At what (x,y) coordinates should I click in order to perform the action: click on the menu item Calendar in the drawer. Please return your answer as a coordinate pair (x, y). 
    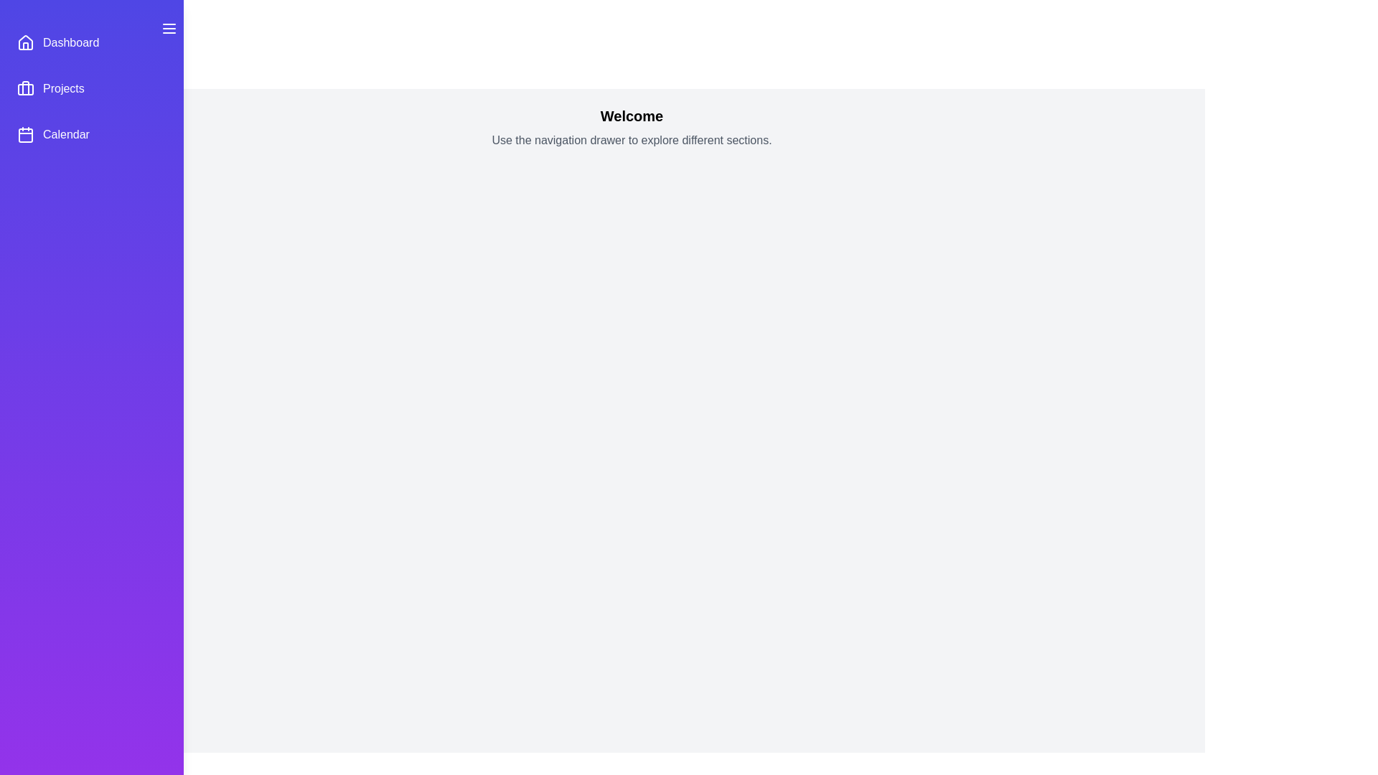
    Looking at the image, I should click on (91, 135).